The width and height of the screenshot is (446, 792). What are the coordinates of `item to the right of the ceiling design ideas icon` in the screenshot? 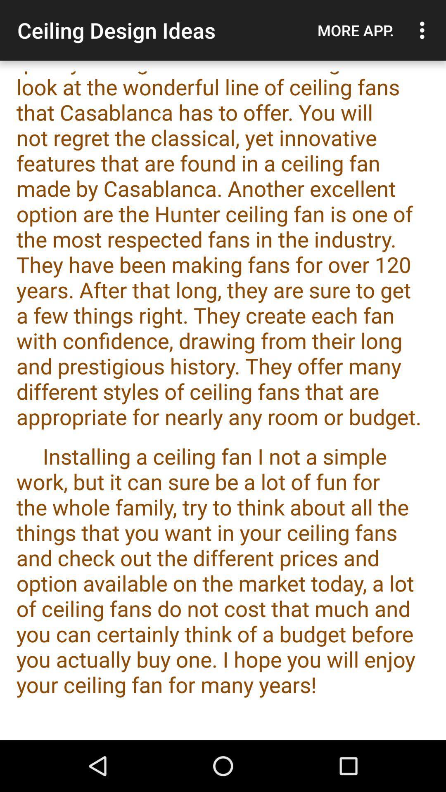 It's located at (355, 30).